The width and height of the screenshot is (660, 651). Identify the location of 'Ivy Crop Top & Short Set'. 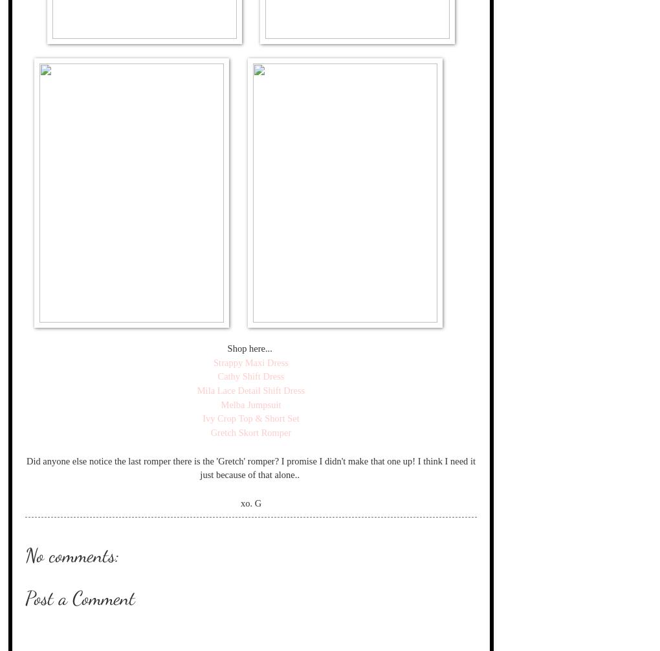
(203, 418).